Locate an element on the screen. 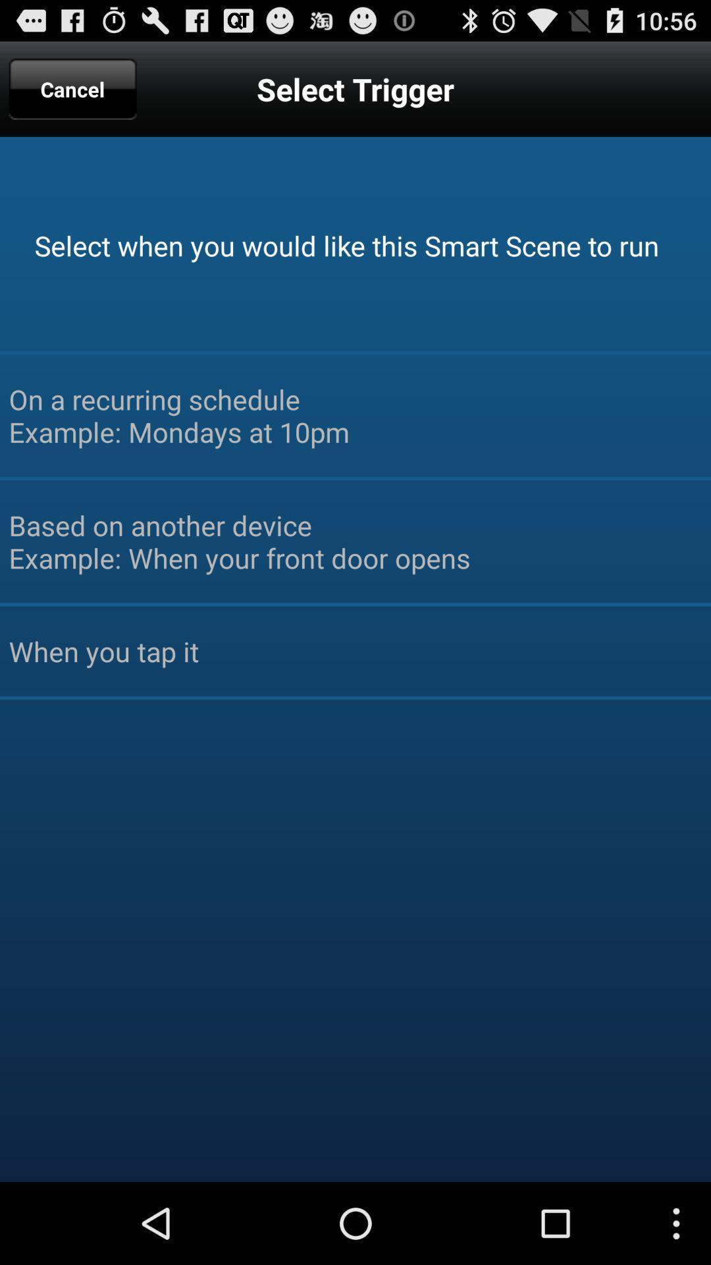 The image size is (711, 1265). item to the left of the select trigger item is located at coordinates (72, 88).